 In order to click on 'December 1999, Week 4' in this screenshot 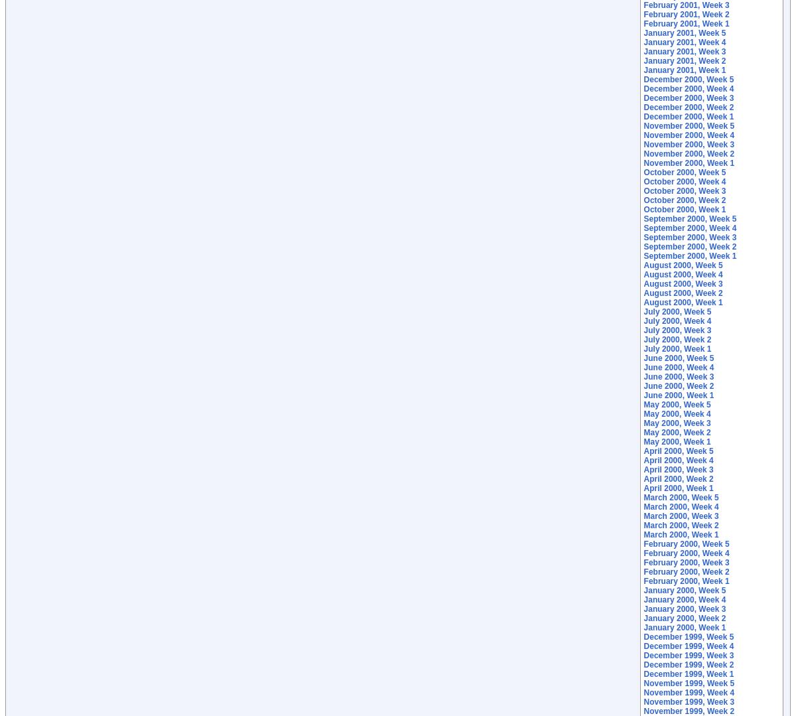, I will do `click(689, 646)`.